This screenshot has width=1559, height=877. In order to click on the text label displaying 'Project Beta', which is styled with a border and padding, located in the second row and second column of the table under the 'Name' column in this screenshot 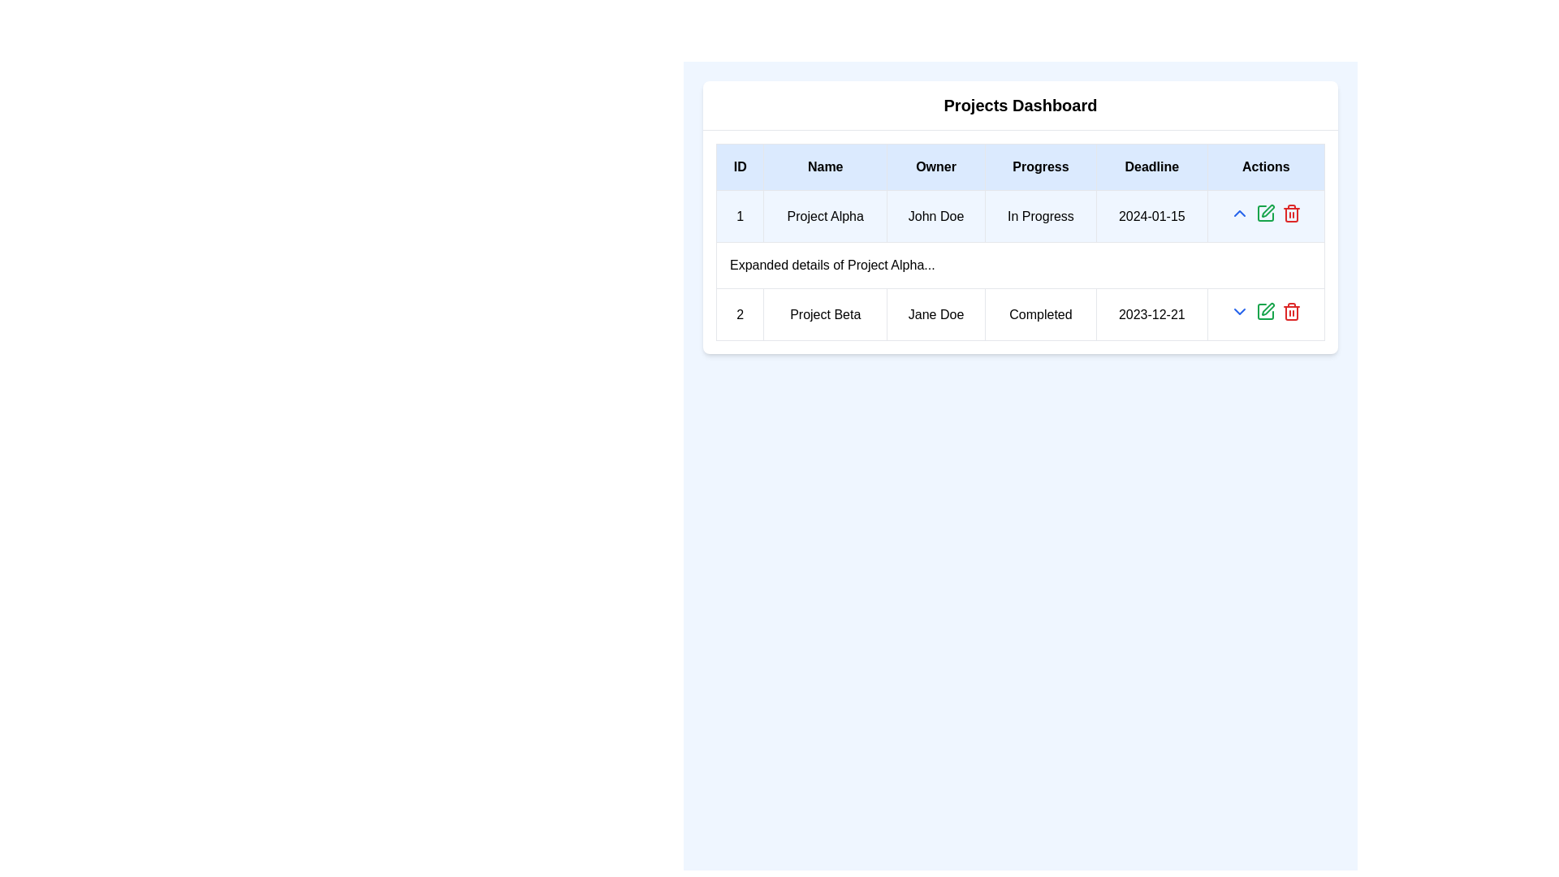, I will do `click(825, 314)`.